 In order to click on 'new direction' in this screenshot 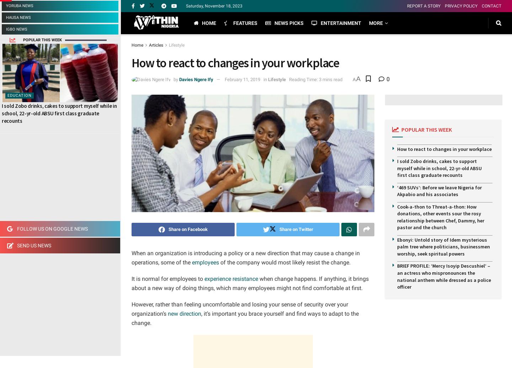, I will do `click(183, 313)`.